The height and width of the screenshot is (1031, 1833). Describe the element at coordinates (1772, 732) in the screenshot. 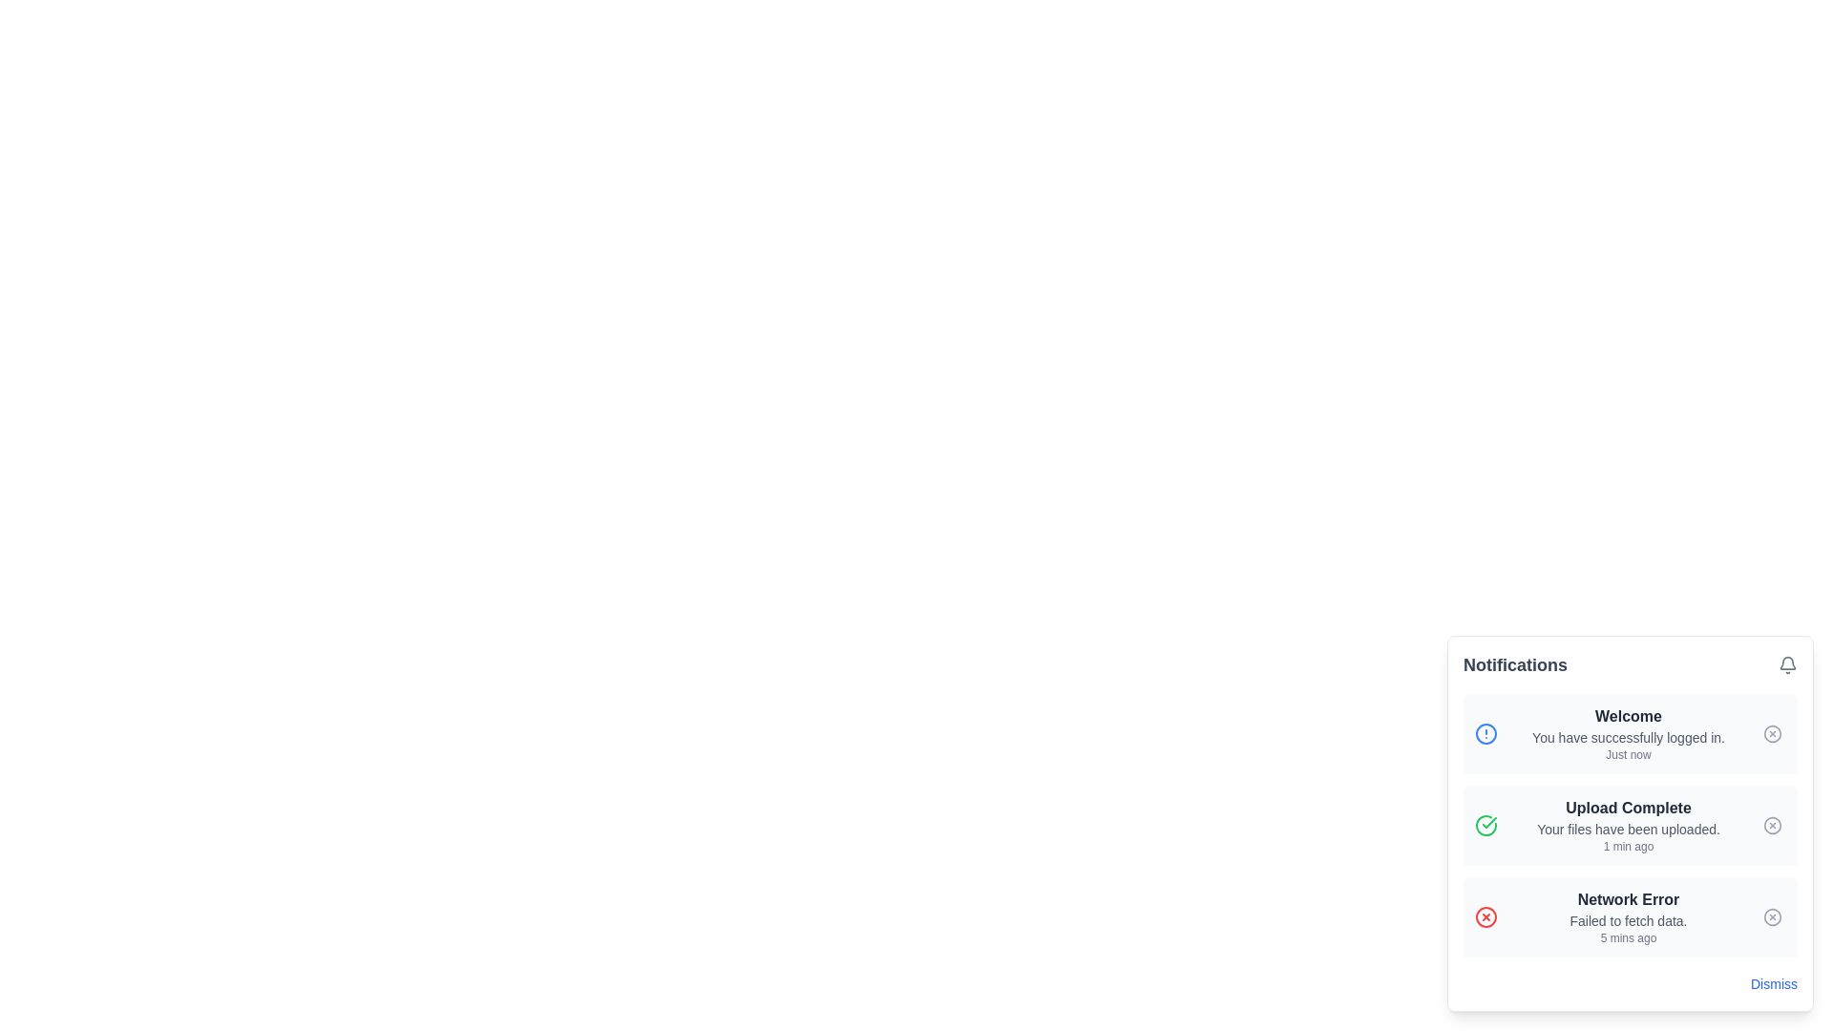

I see `the circular close button with a cross mark inside it located in the top-right corner of the 'Welcome' notification entry` at that location.